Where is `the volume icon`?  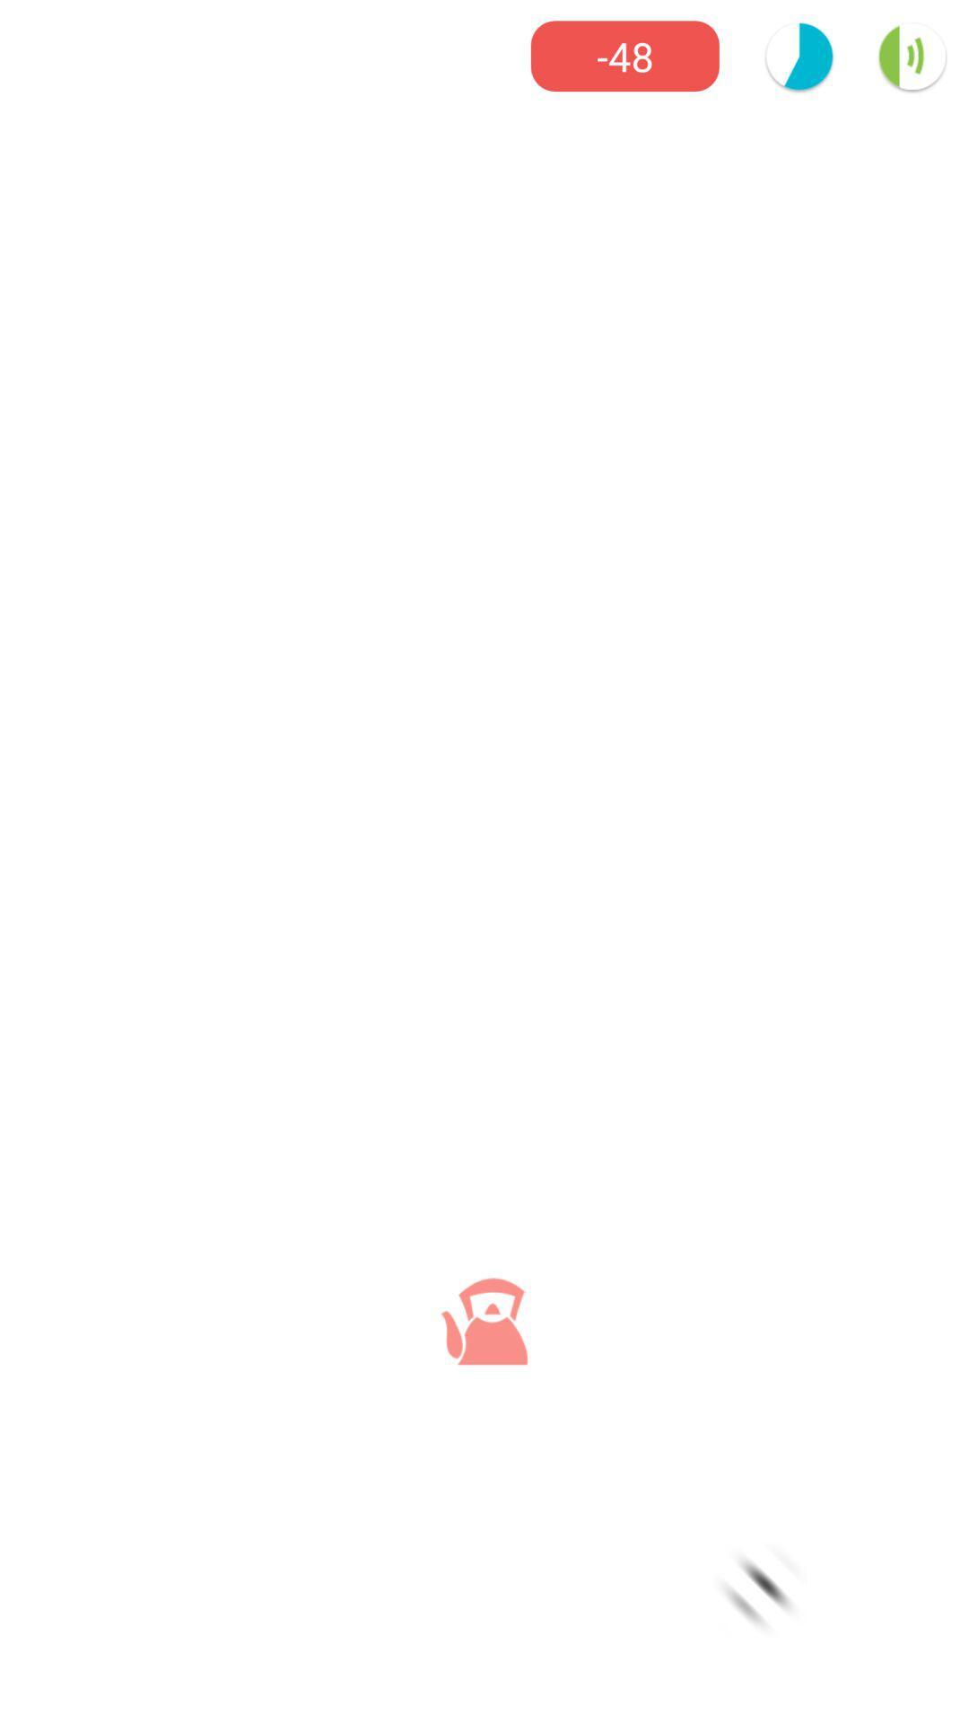
the volume icon is located at coordinates (912, 56).